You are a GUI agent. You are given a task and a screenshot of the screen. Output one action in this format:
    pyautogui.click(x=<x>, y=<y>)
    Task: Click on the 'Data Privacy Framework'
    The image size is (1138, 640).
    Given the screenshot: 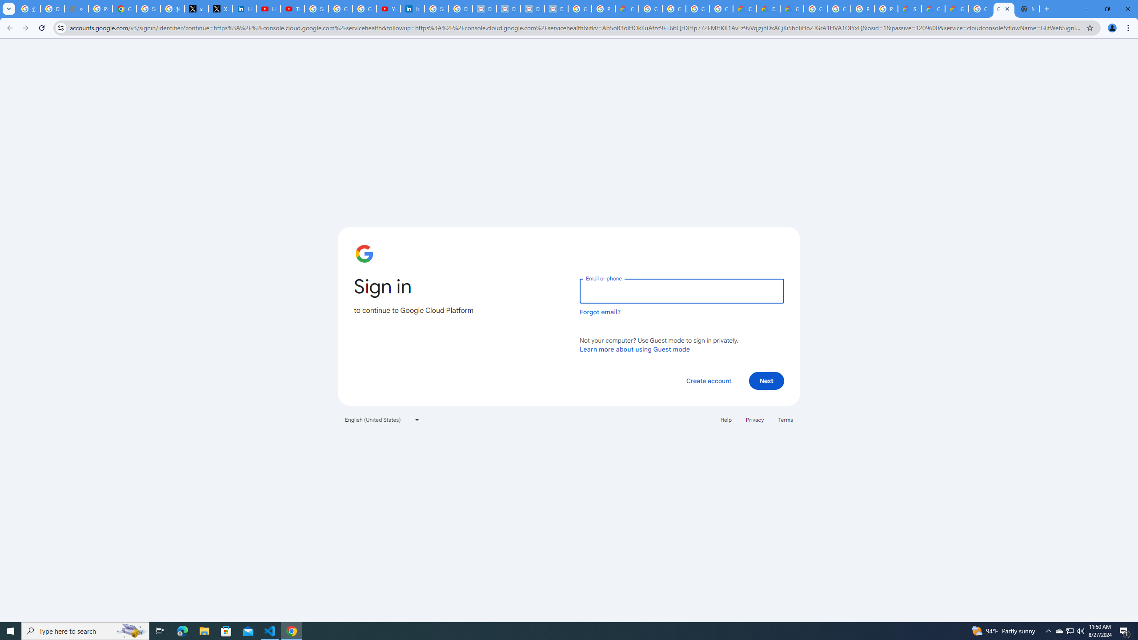 What is the action you would take?
    pyautogui.click(x=533, y=8)
    